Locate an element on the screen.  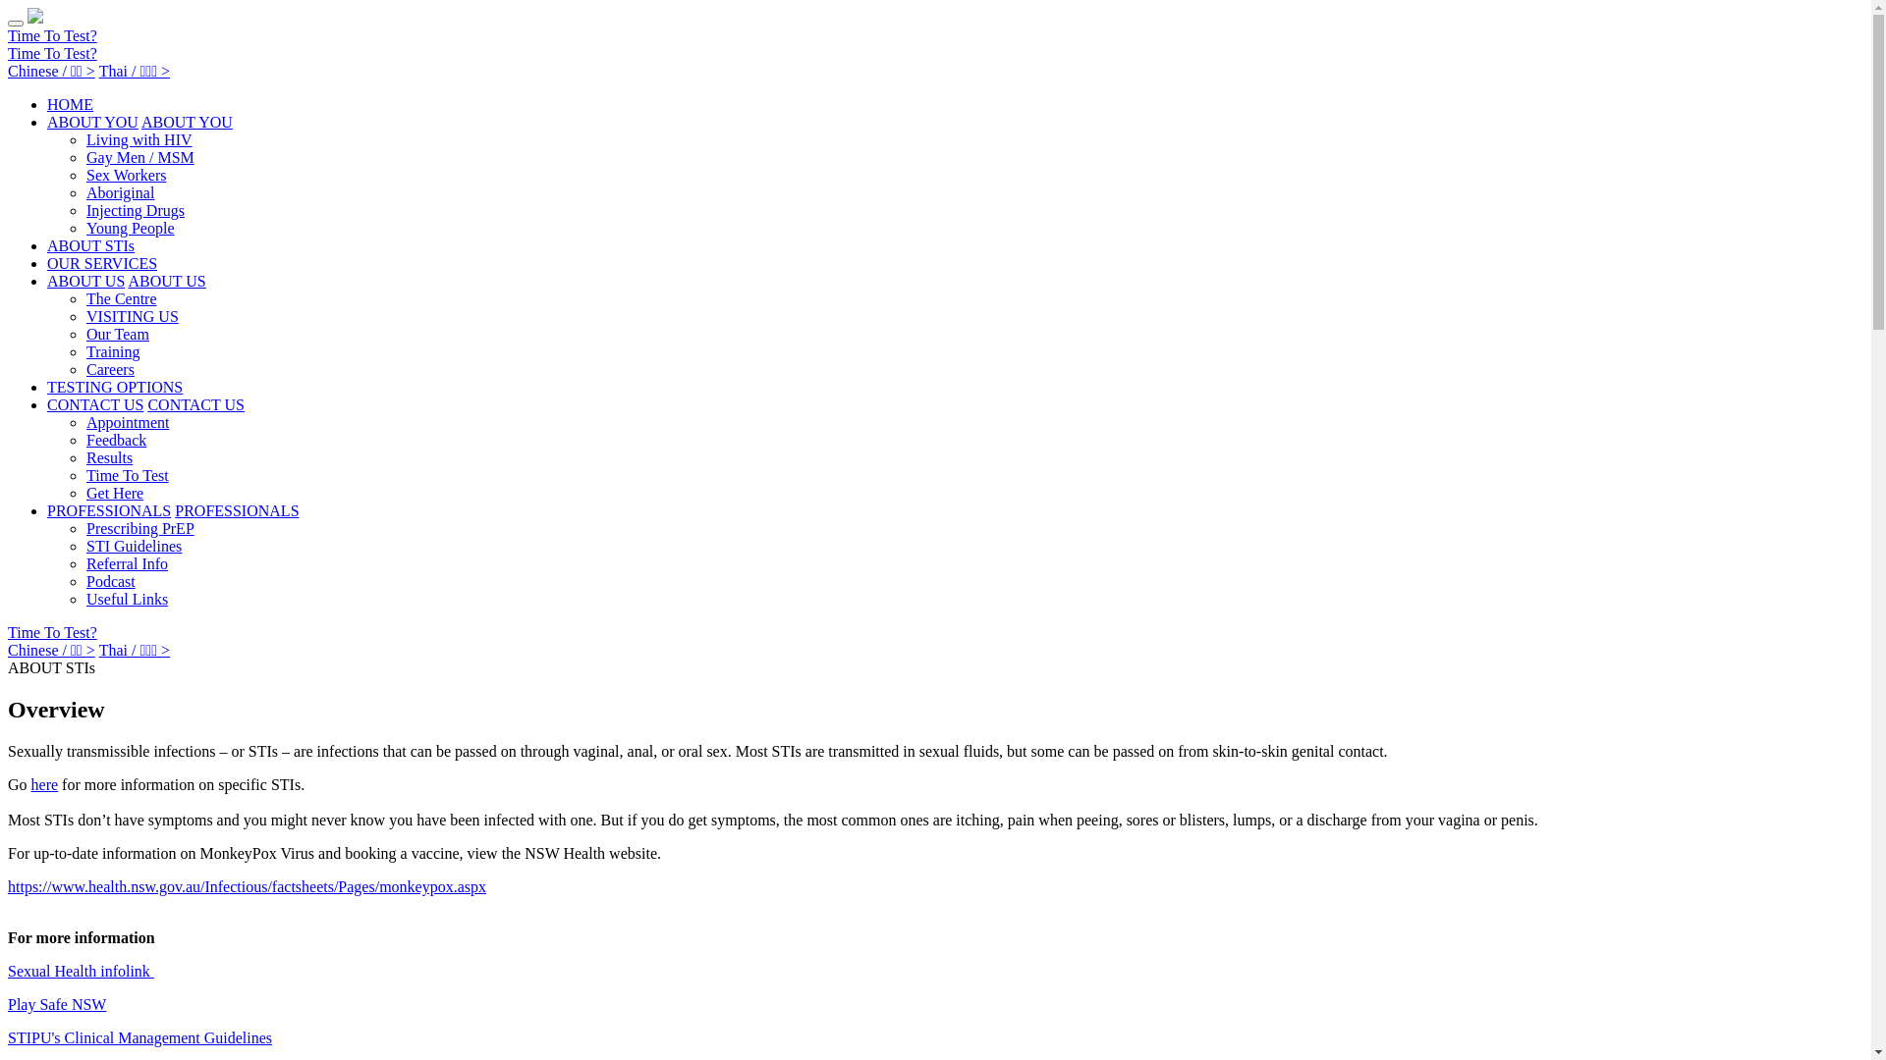
'TESTING OPTIONS' is located at coordinates (113, 387).